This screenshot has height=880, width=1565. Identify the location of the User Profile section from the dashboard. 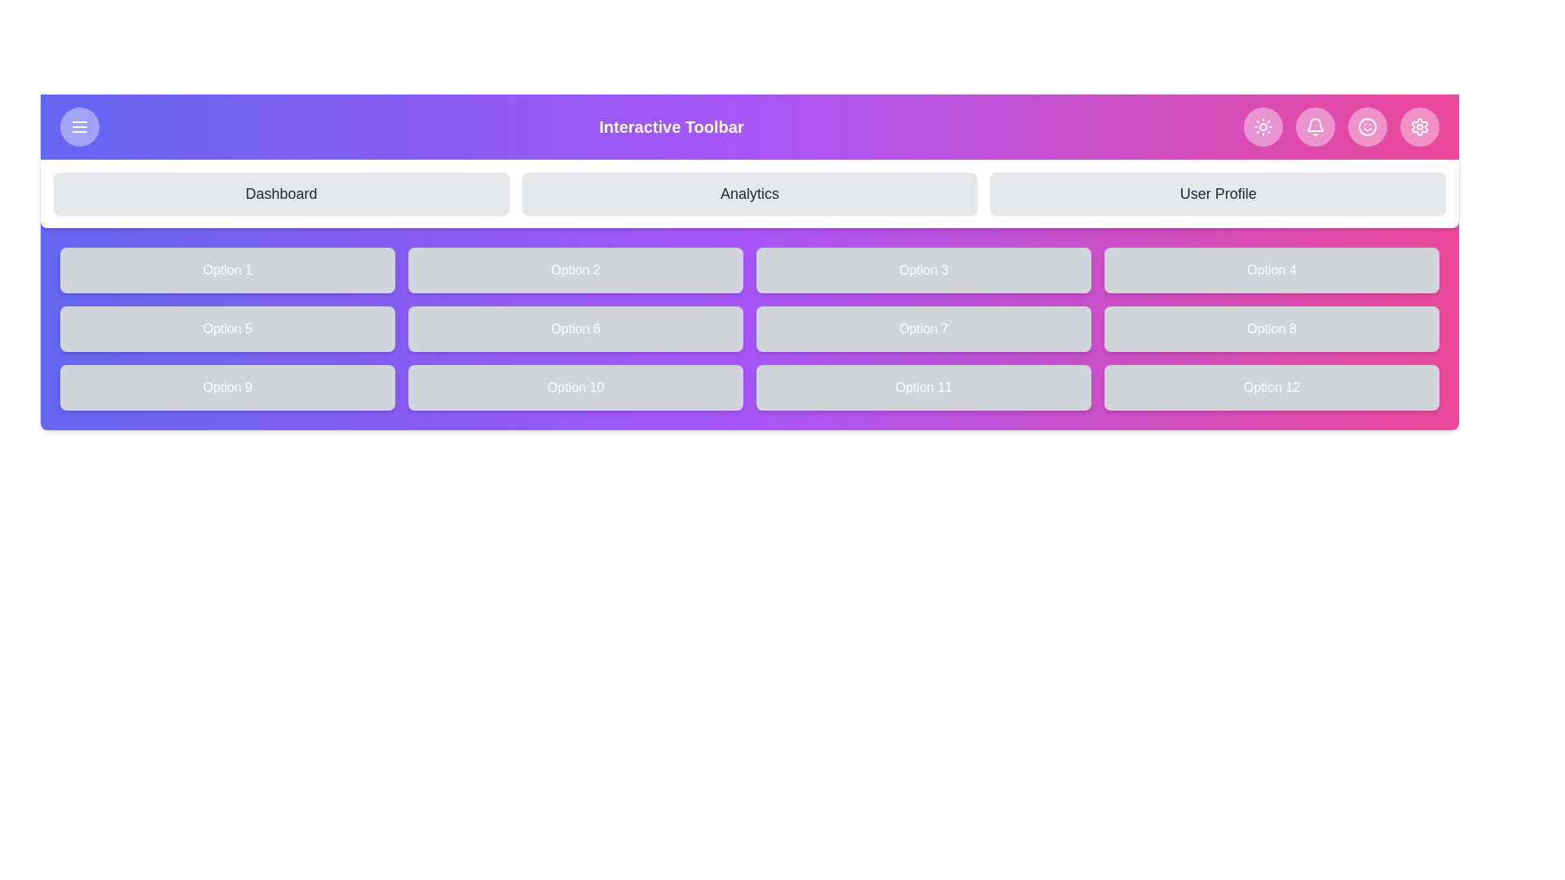
(1218, 193).